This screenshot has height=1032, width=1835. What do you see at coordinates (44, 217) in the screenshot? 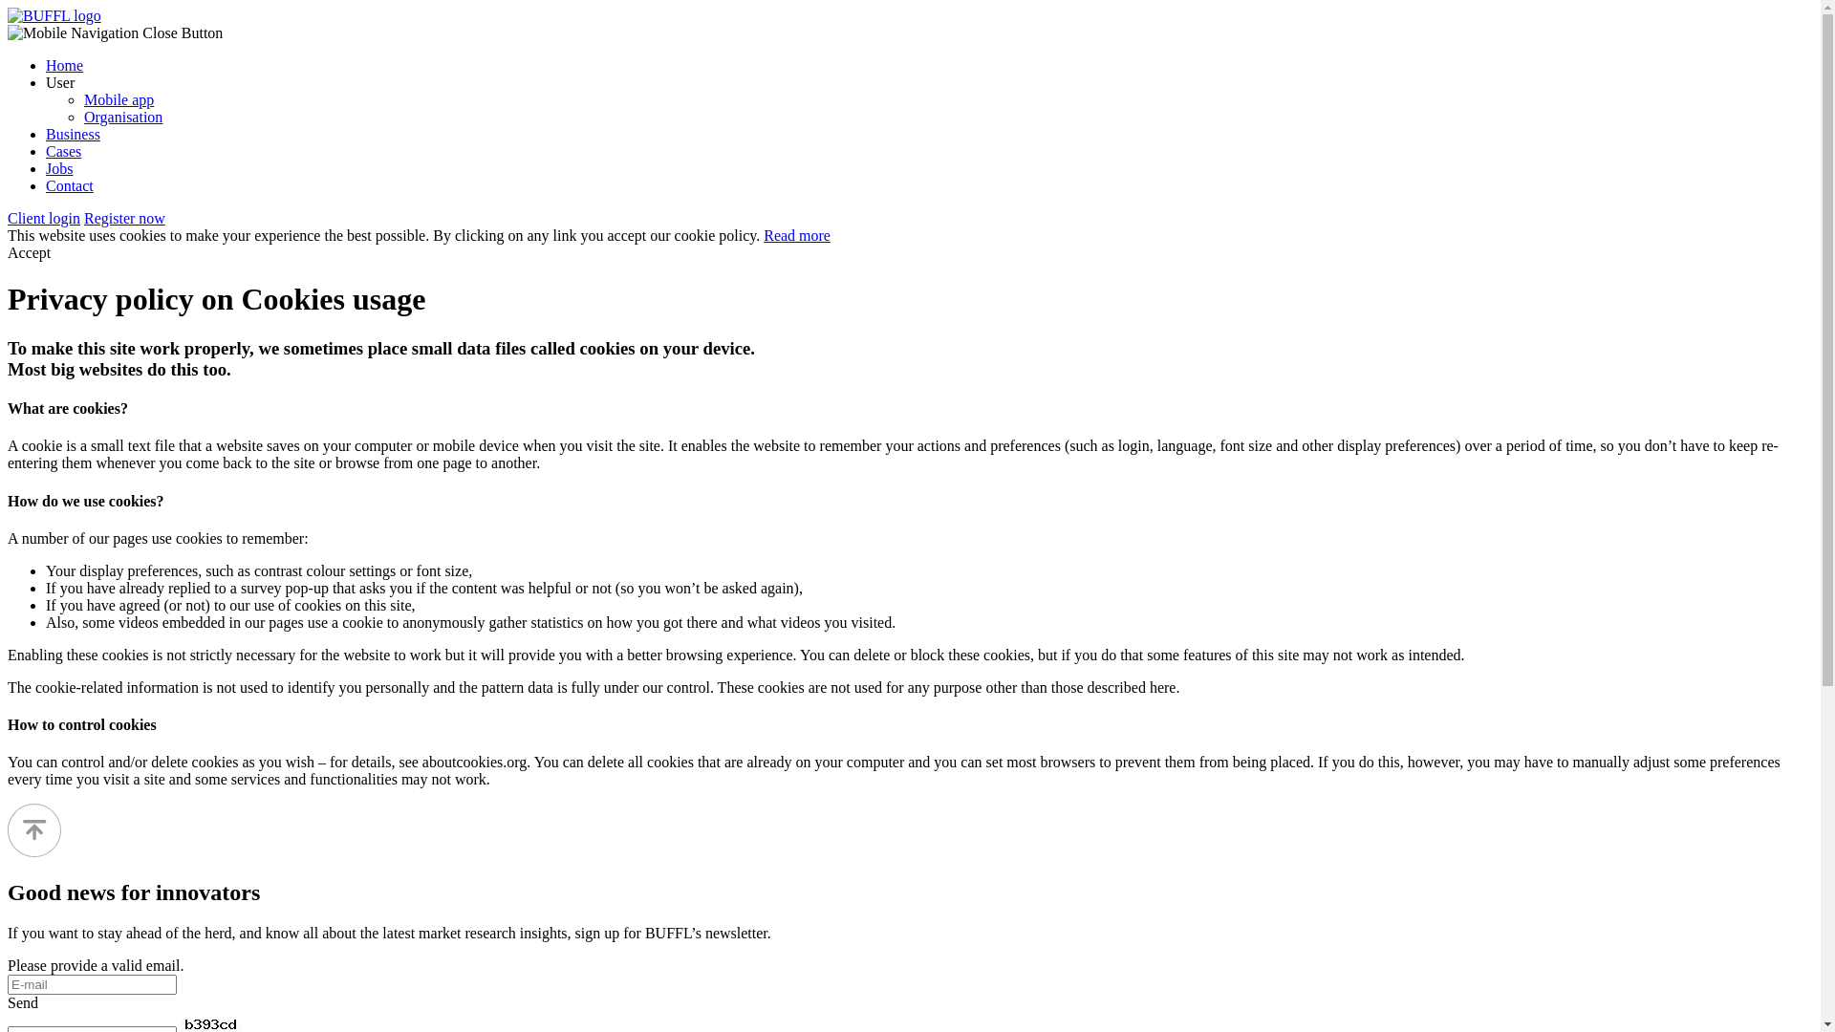
I see `'Client login'` at bounding box center [44, 217].